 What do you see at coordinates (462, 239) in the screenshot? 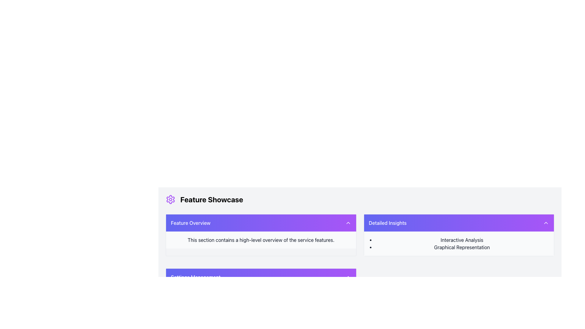
I see `the Text Label in the 'Detailed Insights' section` at bounding box center [462, 239].